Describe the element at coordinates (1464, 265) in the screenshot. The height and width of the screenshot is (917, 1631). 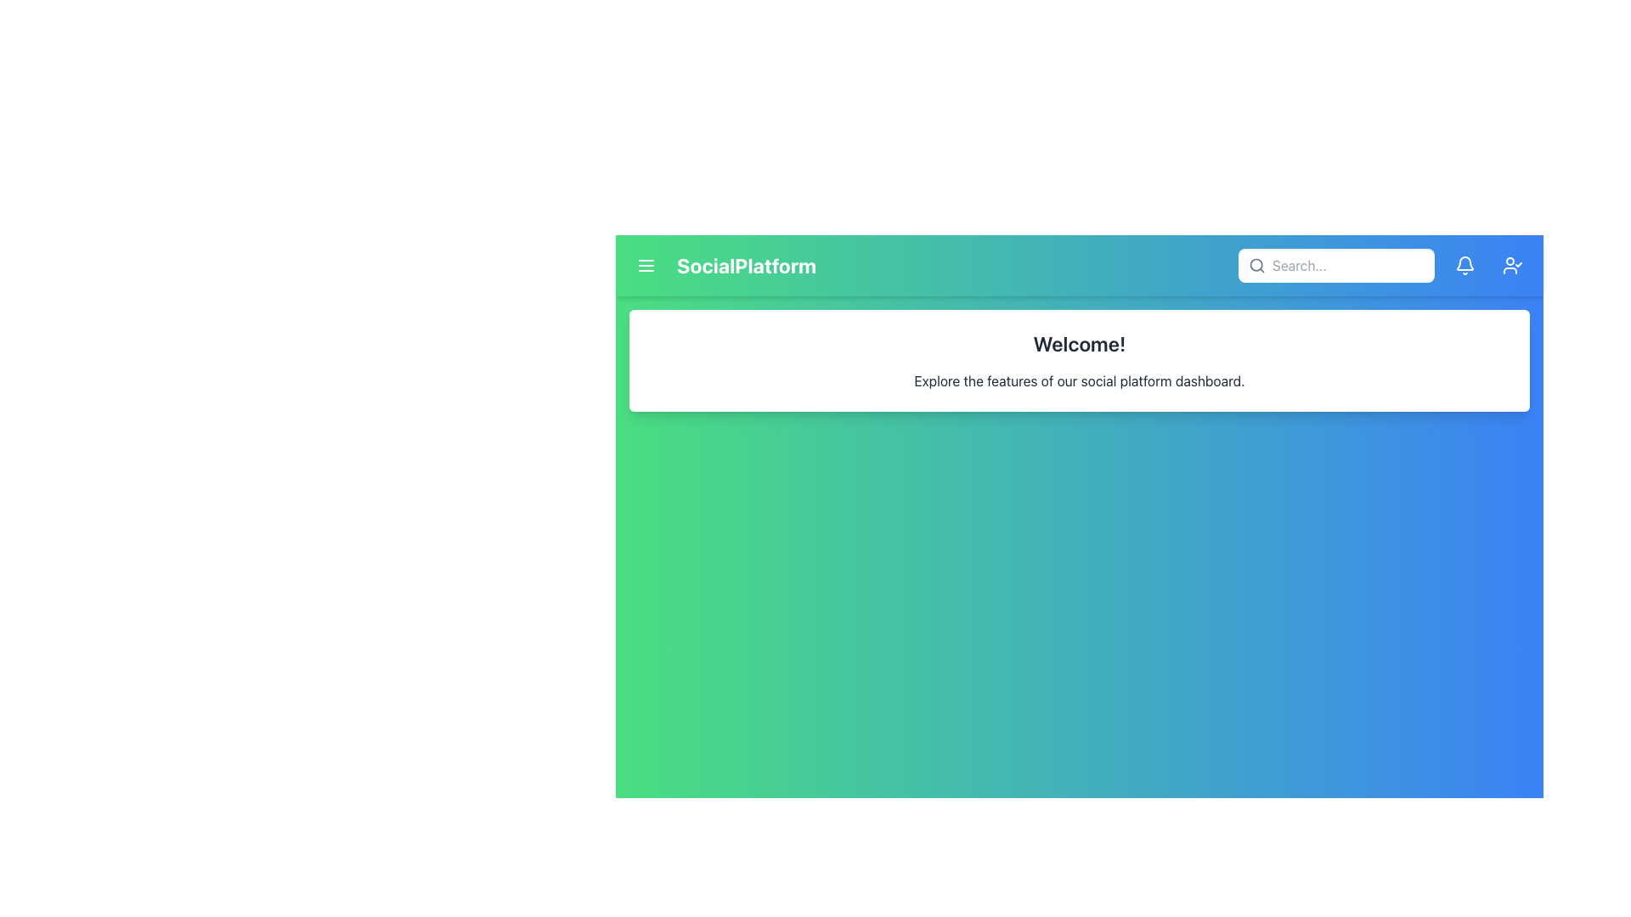
I see `the notifications icon button located in the top-right corner of the viewport, between the search input field and the user profile icon` at that location.